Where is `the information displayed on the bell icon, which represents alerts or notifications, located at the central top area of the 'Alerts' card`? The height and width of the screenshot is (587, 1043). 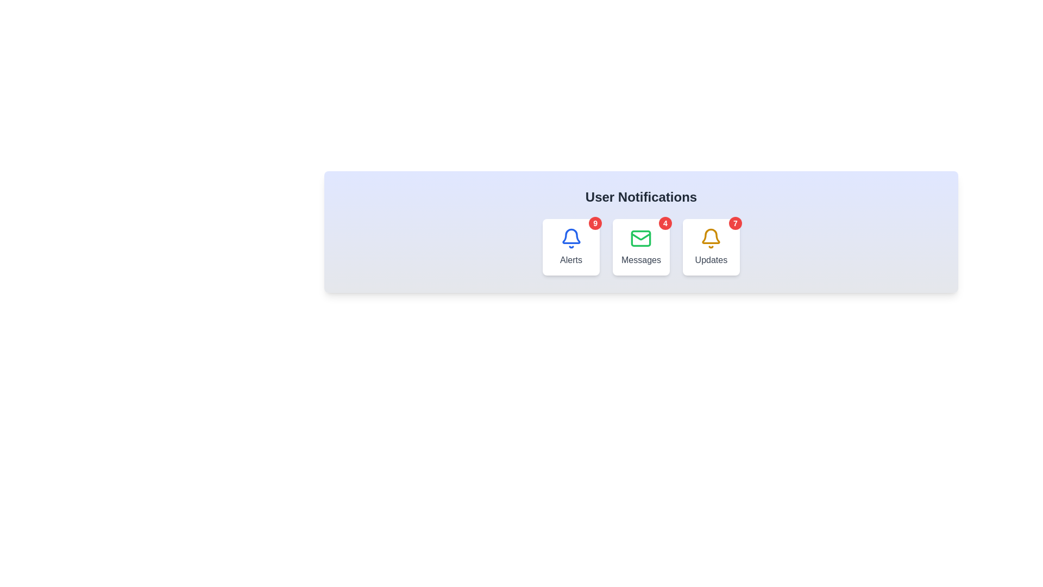
the information displayed on the bell icon, which represents alerts or notifications, located at the central top area of the 'Alerts' card is located at coordinates (570, 238).